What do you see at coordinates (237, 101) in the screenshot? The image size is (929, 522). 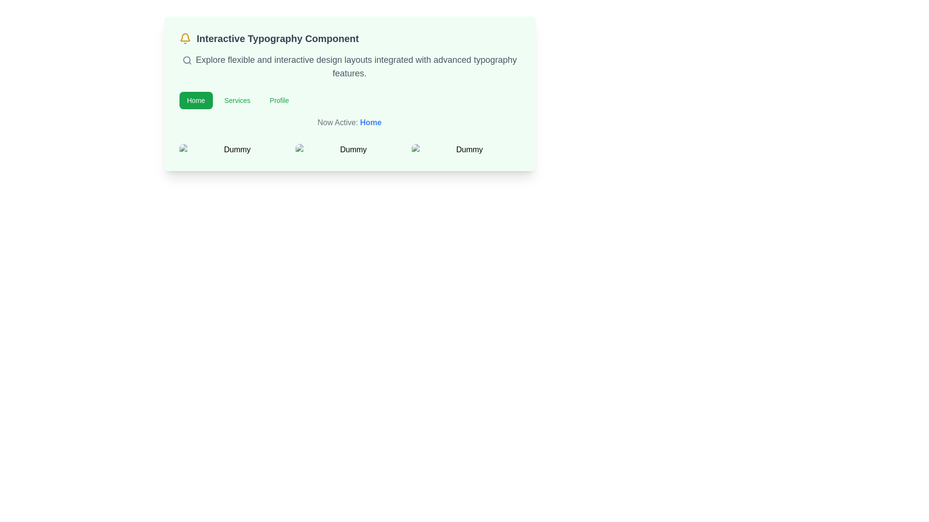 I see `the 'Services' button, which is the second button in a row of three buttons ('Home', 'Services', 'Profile'), to observe styling effects` at bounding box center [237, 101].